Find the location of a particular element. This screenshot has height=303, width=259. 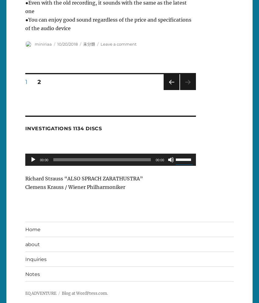

'Clemens Krauss / Wiener Philharmoniker' is located at coordinates (75, 187).